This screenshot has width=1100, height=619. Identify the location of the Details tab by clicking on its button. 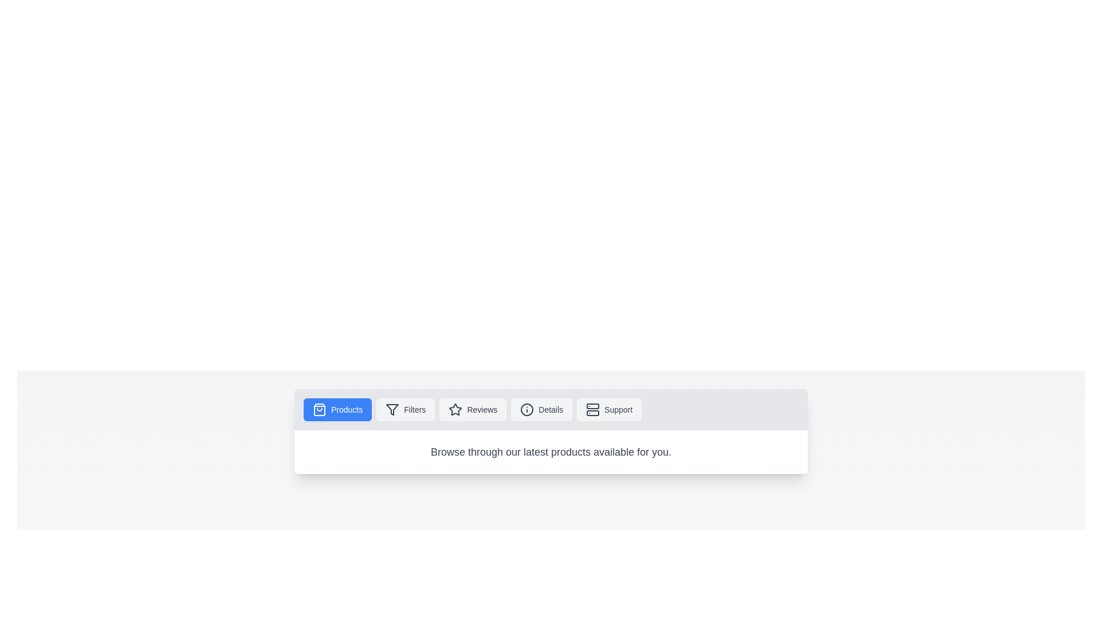
(541, 409).